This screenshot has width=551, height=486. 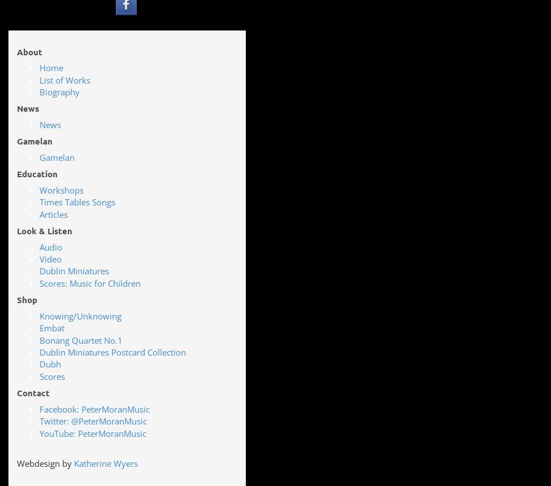 I want to click on 'Facebook: PeterMoranMusic', so click(x=94, y=408).